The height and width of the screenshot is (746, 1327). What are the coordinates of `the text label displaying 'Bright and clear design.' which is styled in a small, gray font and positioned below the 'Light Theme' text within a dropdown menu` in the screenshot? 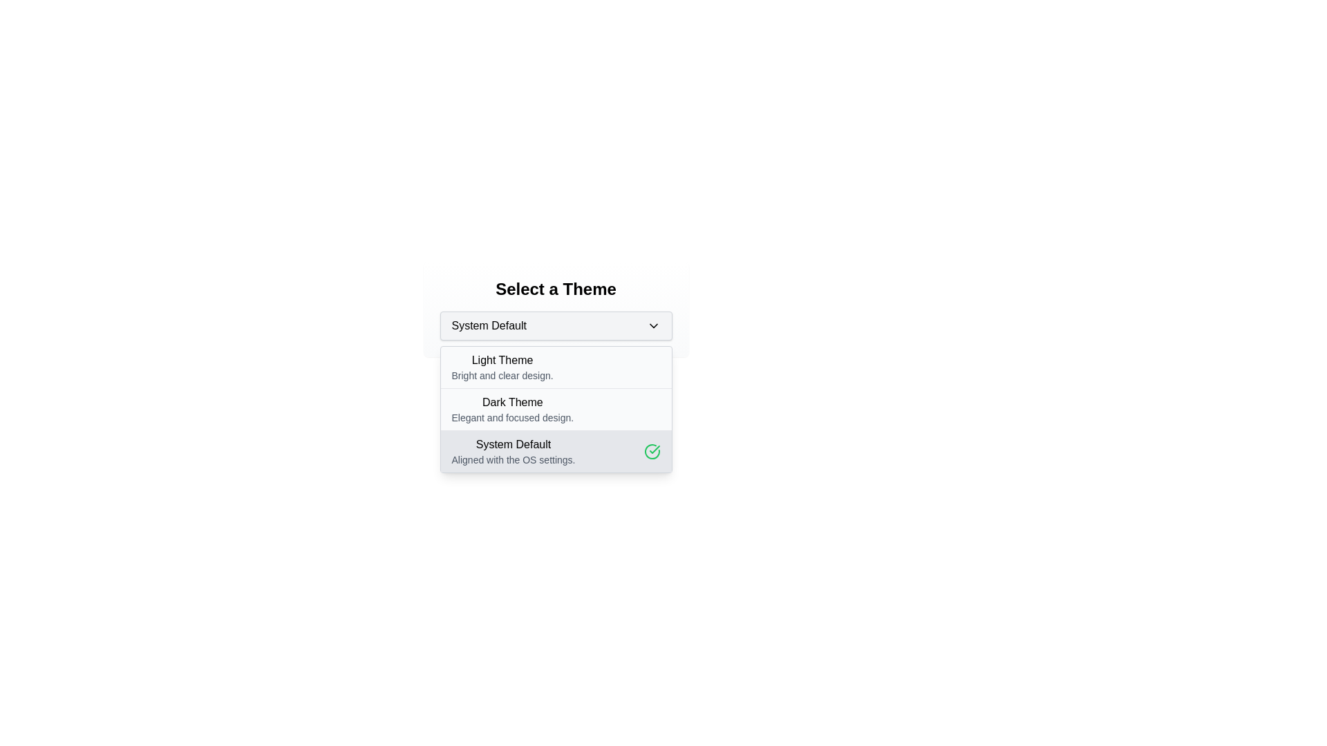 It's located at (502, 375).